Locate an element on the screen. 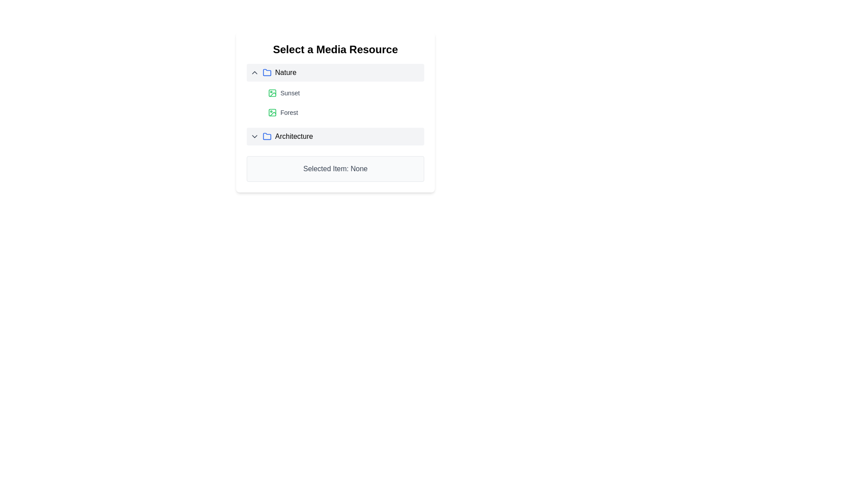 The image size is (852, 479). the icon representing the 'Forest' section, which is positioned to the left of the text label 'Forest' in the 'Nature' section of the interface is located at coordinates (272, 112).